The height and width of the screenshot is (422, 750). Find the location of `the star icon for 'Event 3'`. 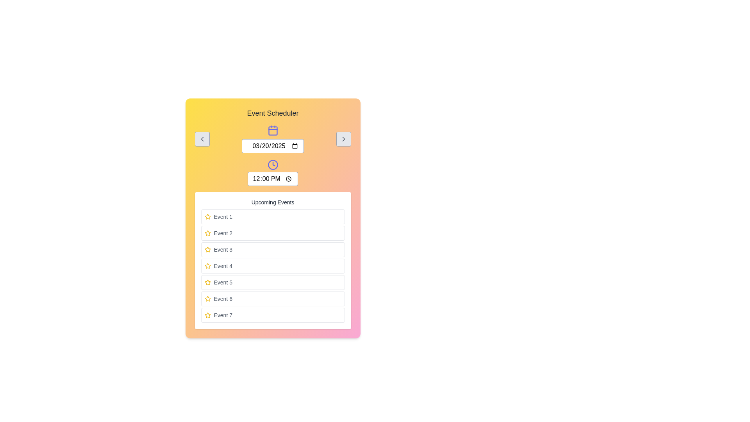

the star icon for 'Event 3' is located at coordinates (207, 250).